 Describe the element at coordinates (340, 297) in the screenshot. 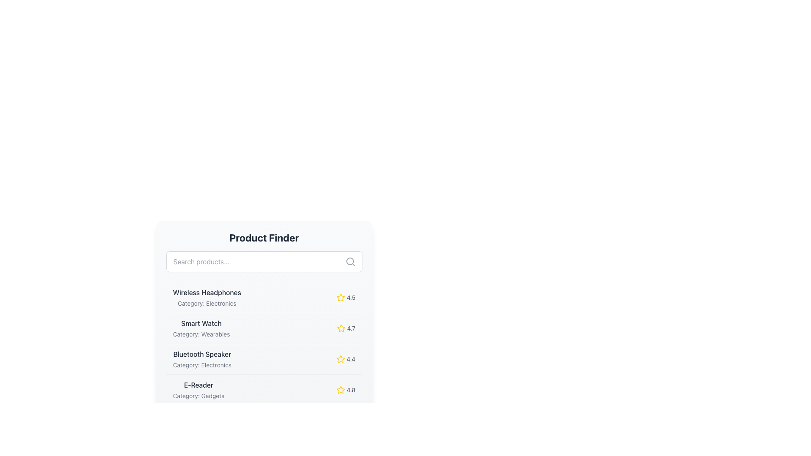

I see `the rating icon for the Wireless Headphones, which is located to the left of the rating text '4.5' in the product list` at that location.